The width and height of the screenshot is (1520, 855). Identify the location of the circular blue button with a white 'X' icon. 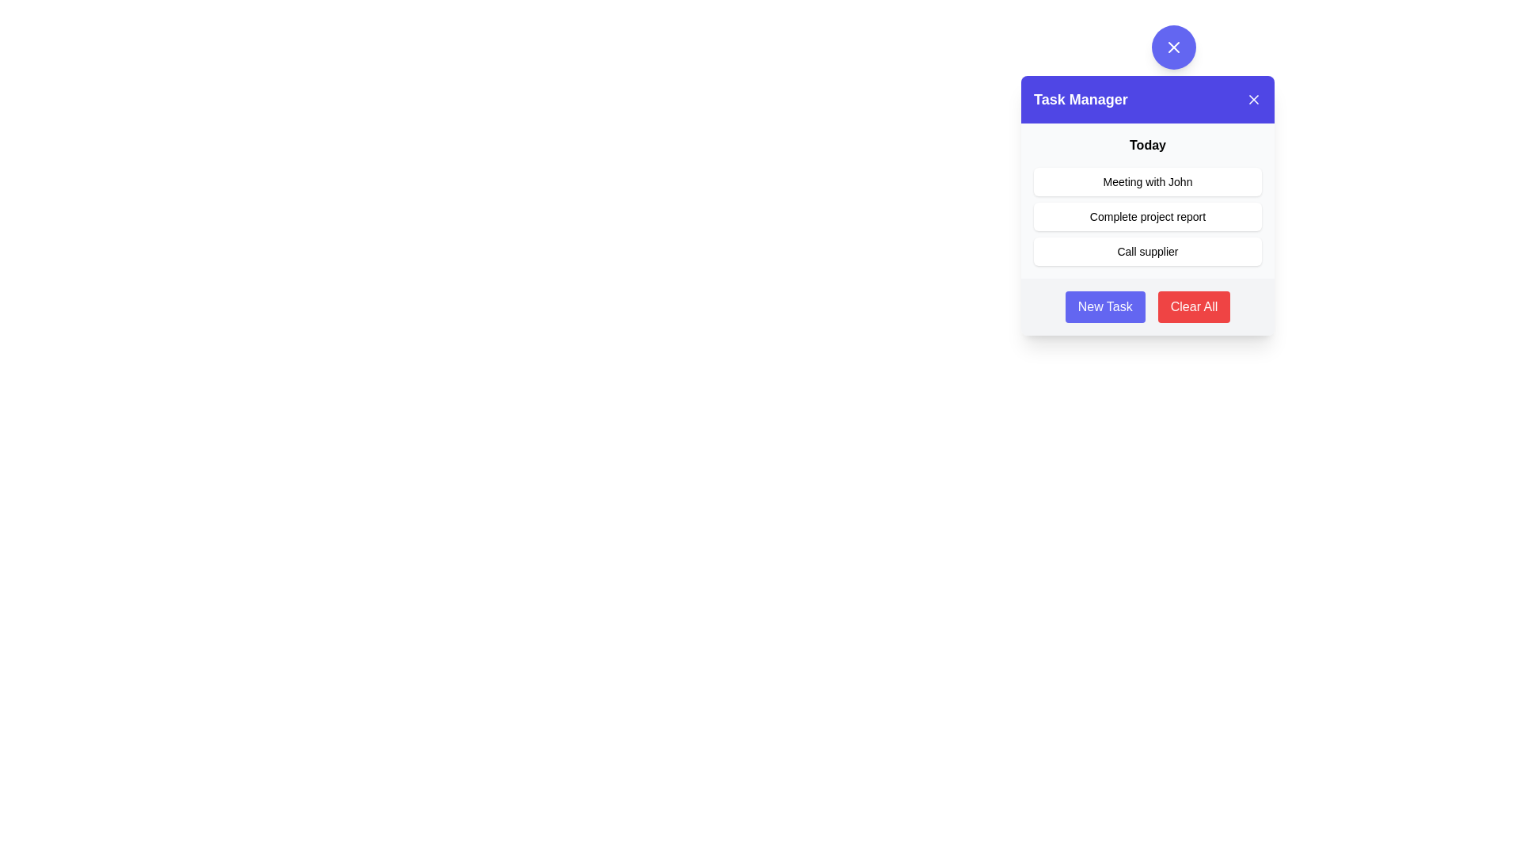
(1173, 47).